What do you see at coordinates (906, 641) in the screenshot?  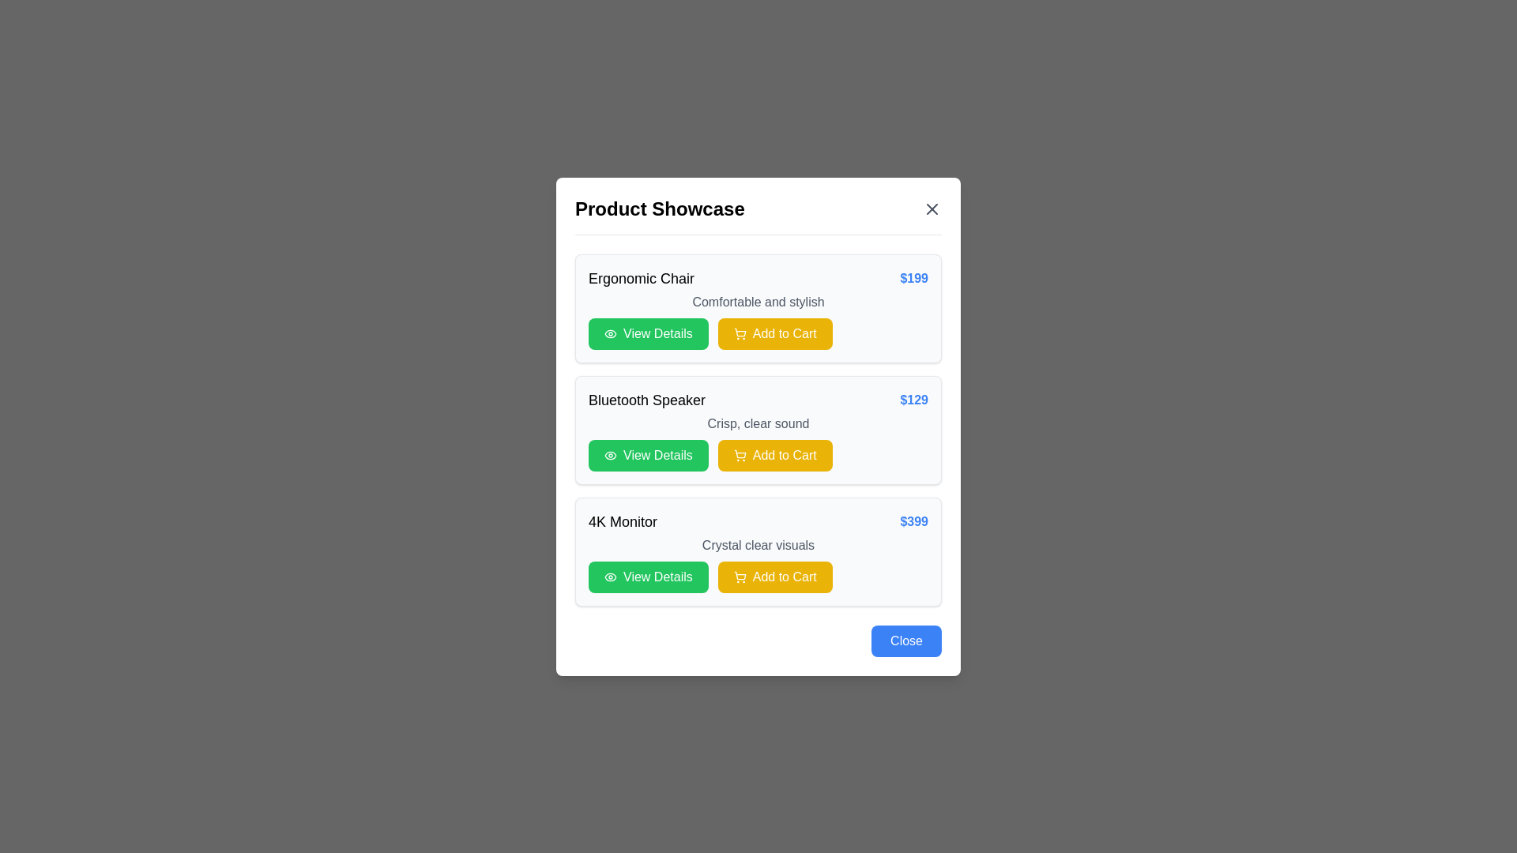 I see `the close button located in the bottom-right corner of the modal dialog` at bounding box center [906, 641].